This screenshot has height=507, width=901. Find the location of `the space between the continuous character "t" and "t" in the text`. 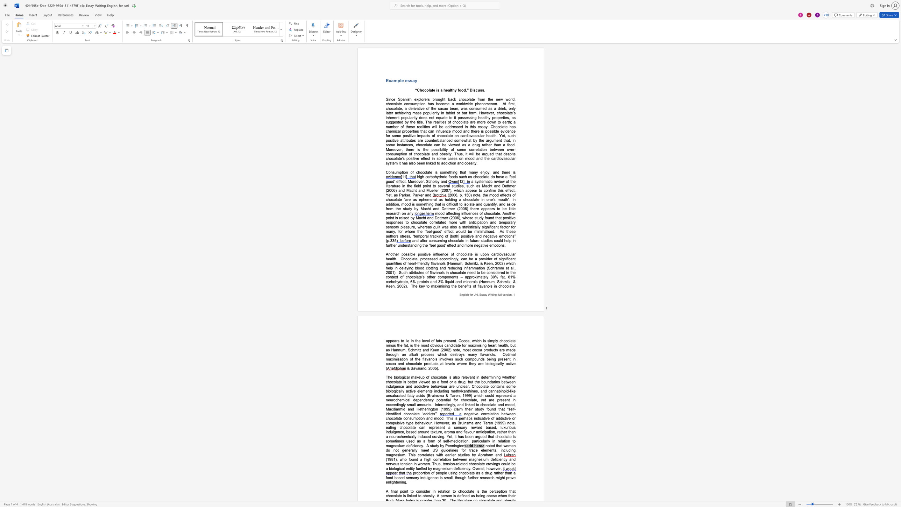

the space between the continuous character "t" and "t" in the text is located at coordinates (508, 186).